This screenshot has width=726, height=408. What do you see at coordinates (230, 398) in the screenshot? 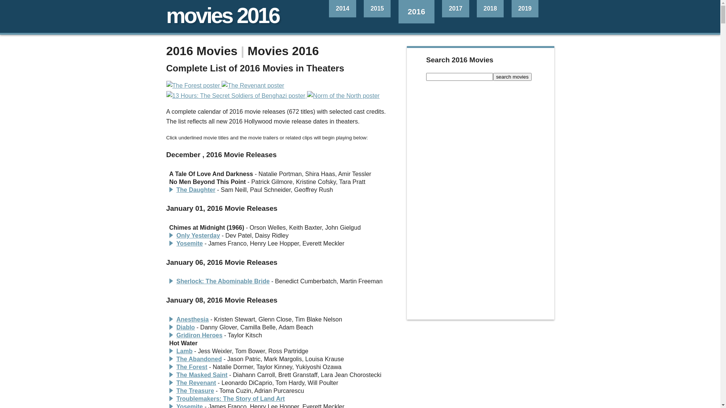
I see `'Troublemakers: The Story of Land Art'` at bounding box center [230, 398].